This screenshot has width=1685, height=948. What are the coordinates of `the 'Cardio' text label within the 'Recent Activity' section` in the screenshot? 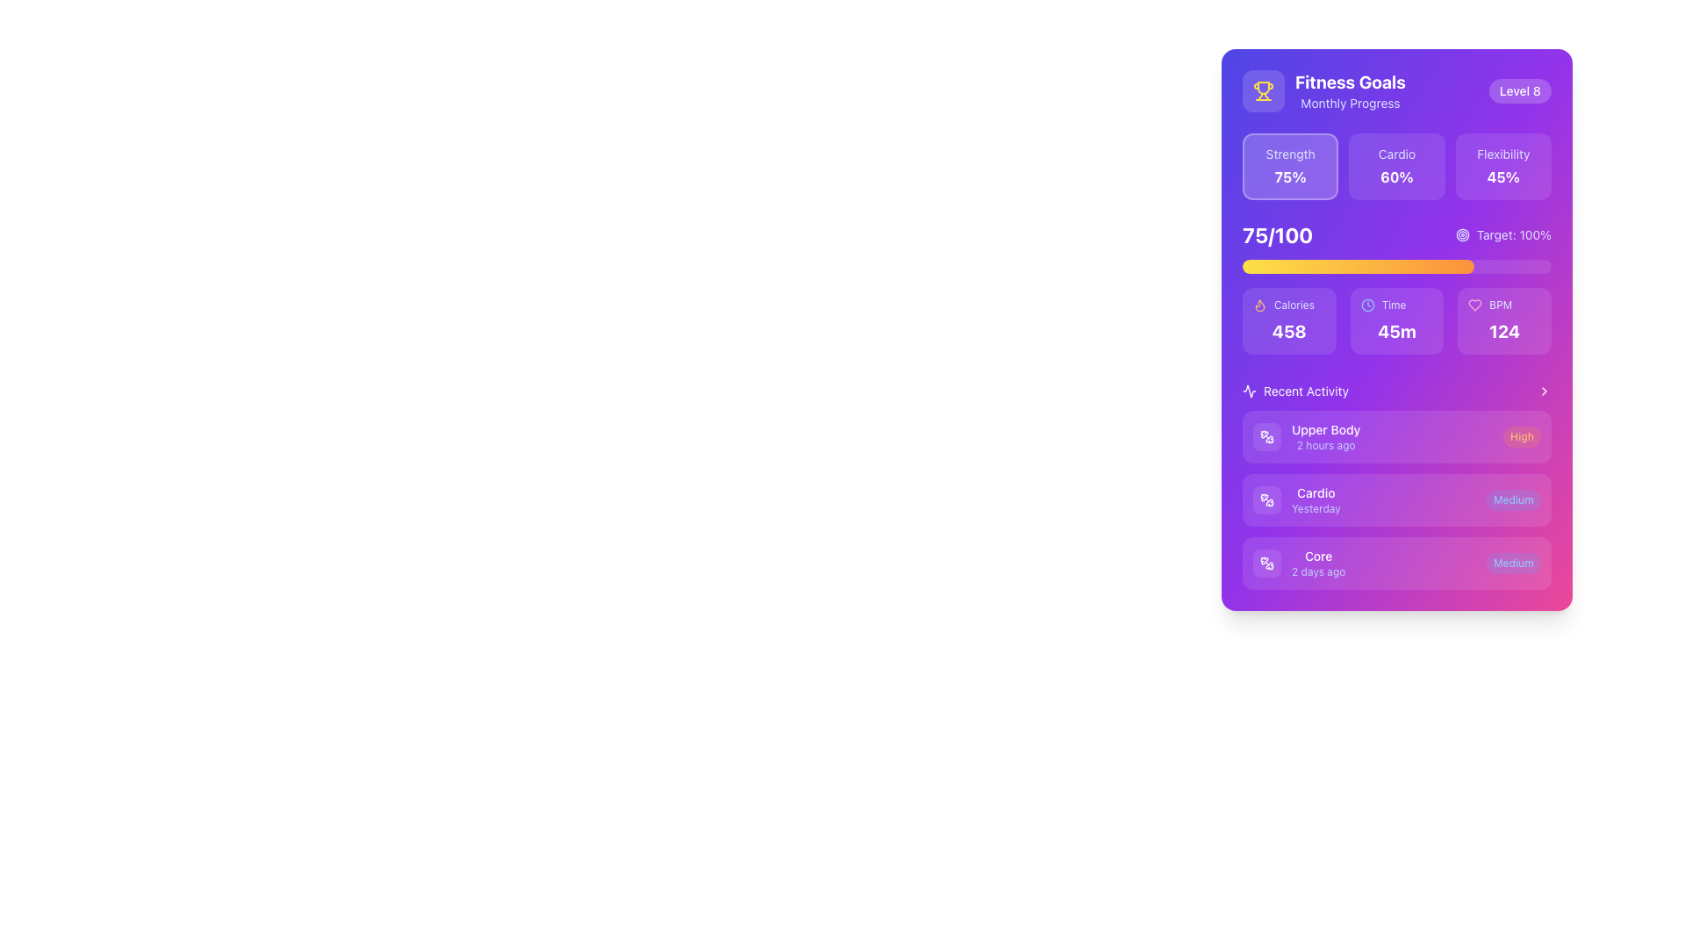 It's located at (1316, 500).